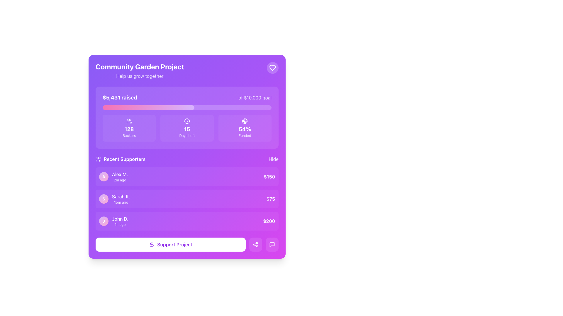 This screenshot has height=316, width=563. I want to click on the static text displaying the countdown of days remaining, which is centered below a clock icon and above the text 'Days Left', so click(187, 129).